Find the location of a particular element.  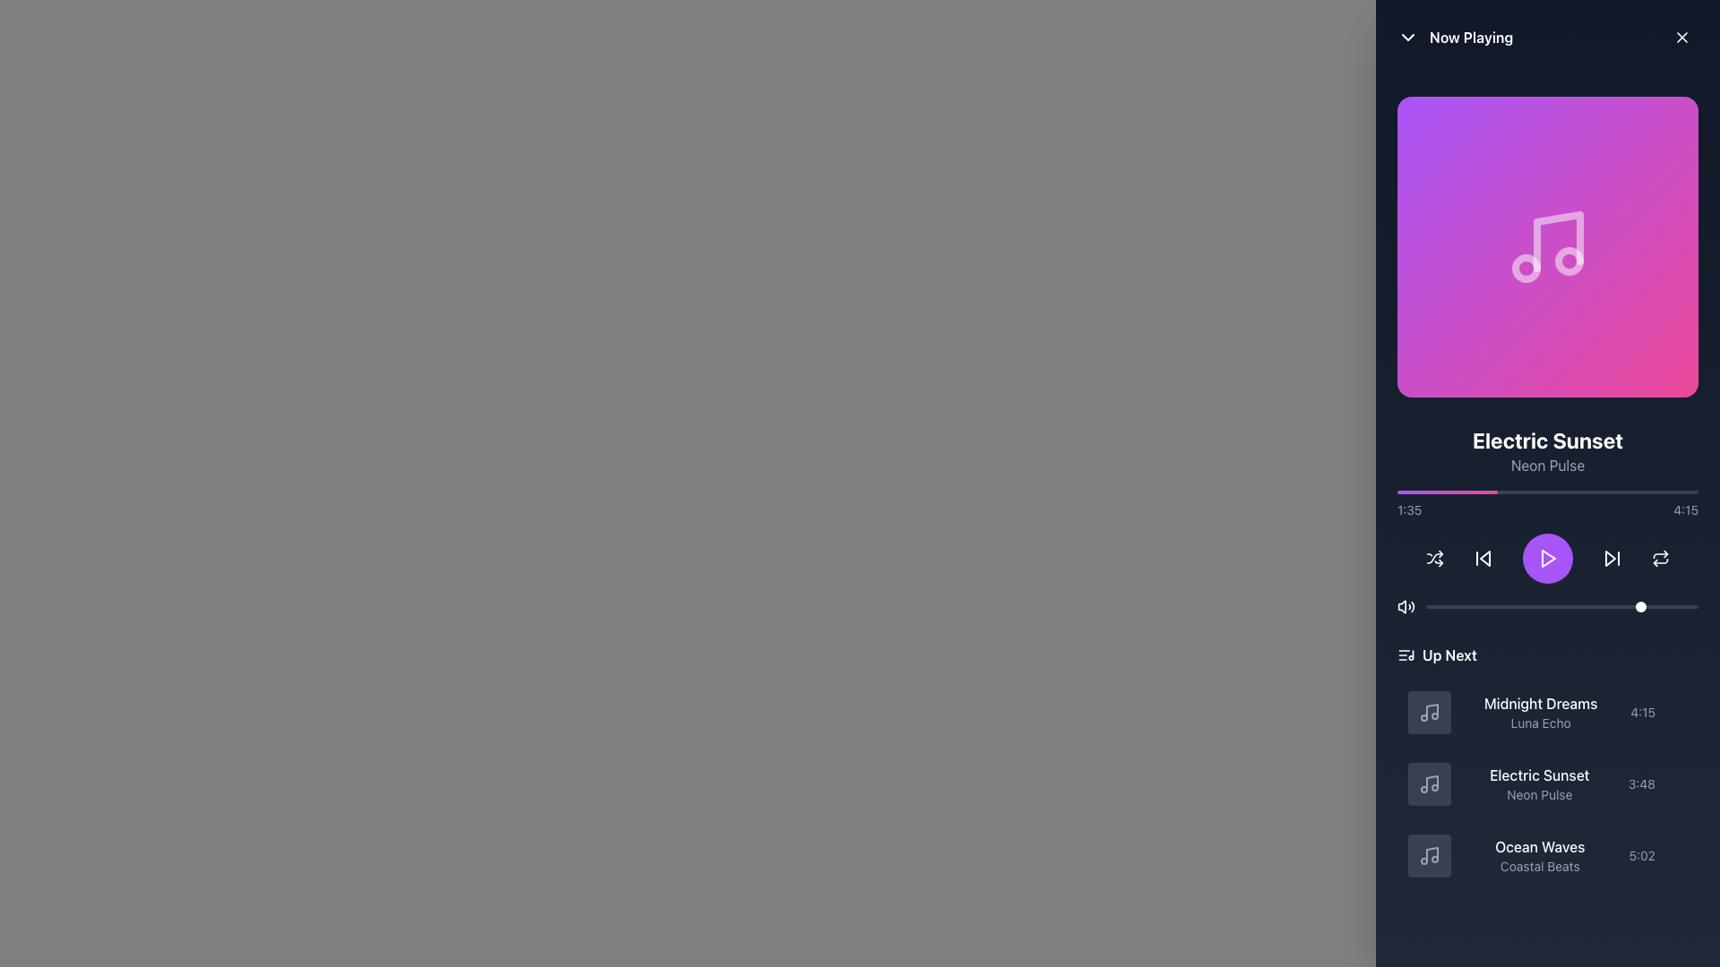

the slider thumb located at the bottom of the interface, which adjusts the volume level from 80 towards the desired value is located at coordinates (1561, 606).